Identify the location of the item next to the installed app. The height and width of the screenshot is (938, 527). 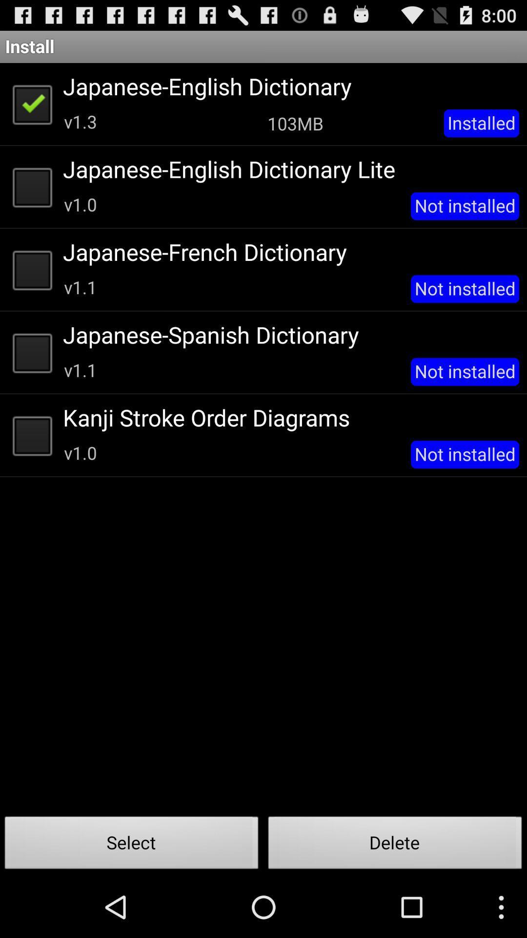
(295, 123).